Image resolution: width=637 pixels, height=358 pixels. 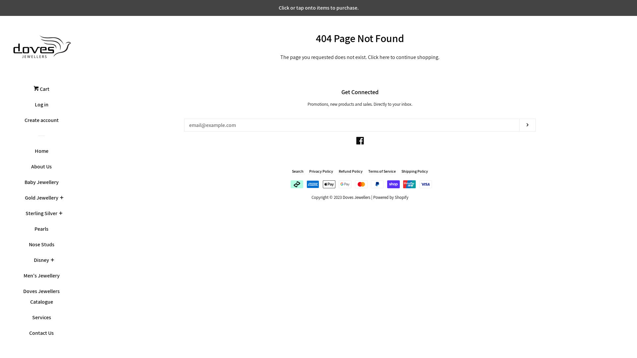 What do you see at coordinates (401, 171) in the screenshot?
I see `'Shipping Policy'` at bounding box center [401, 171].